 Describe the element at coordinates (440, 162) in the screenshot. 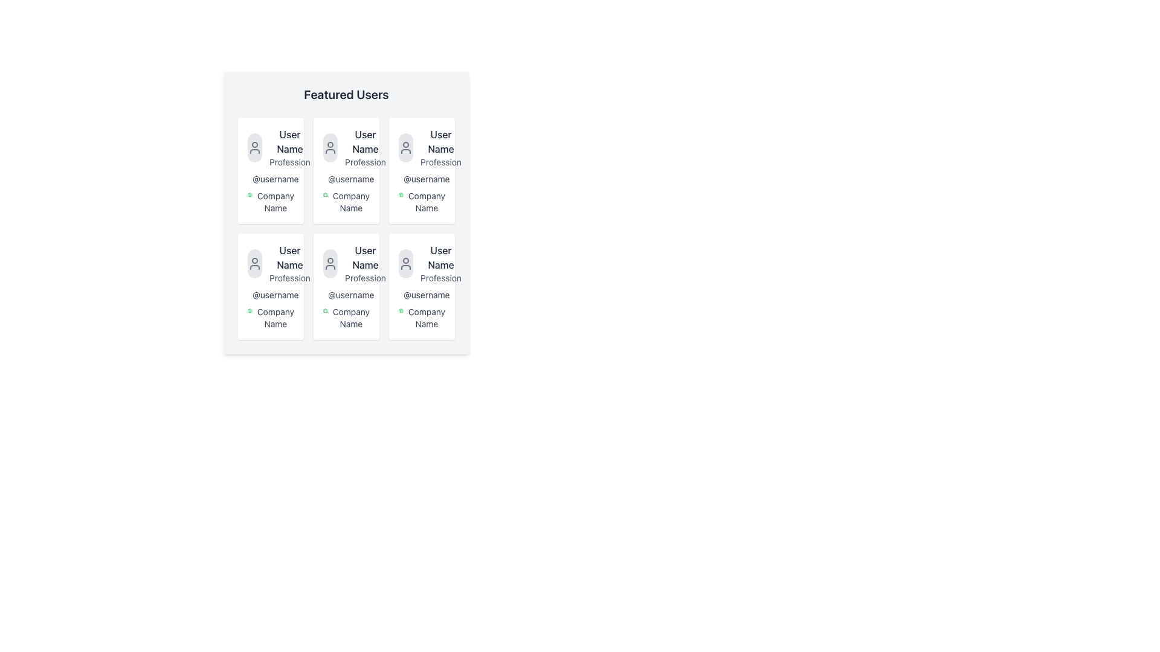

I see `the 'Profession' text label, which is styled in a small, gray font and positioned below the 'User Name' text within the first row of user cards in a 3x2 grid` at that location.